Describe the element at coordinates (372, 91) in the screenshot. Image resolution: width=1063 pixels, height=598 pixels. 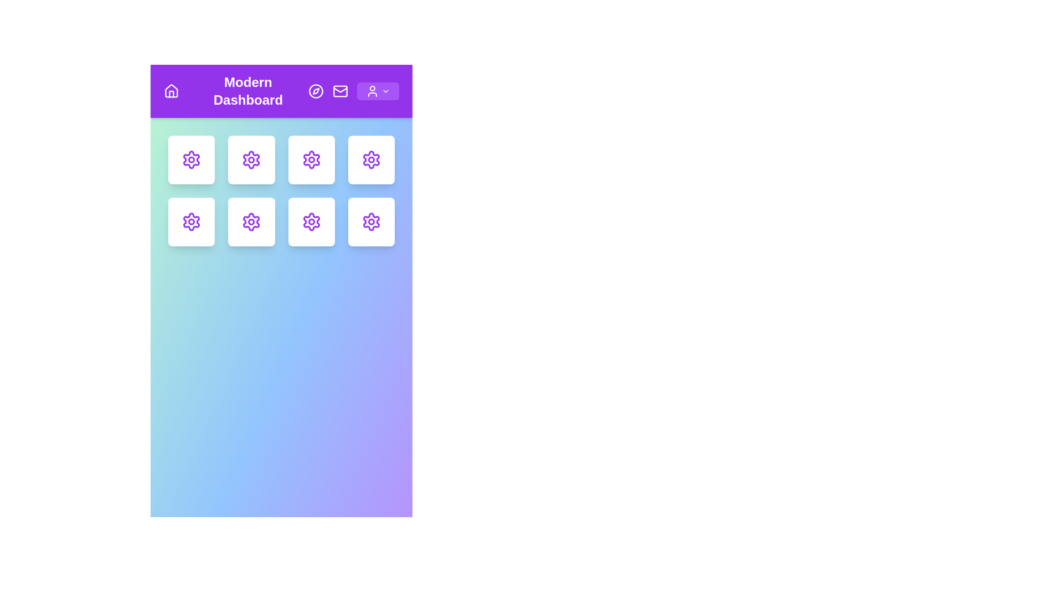
I see `the user profile section to observe the hover effects` at that location.